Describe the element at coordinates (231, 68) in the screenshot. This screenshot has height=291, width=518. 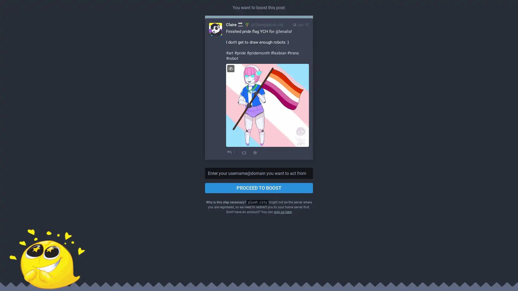
I see `Hide image` at that location.